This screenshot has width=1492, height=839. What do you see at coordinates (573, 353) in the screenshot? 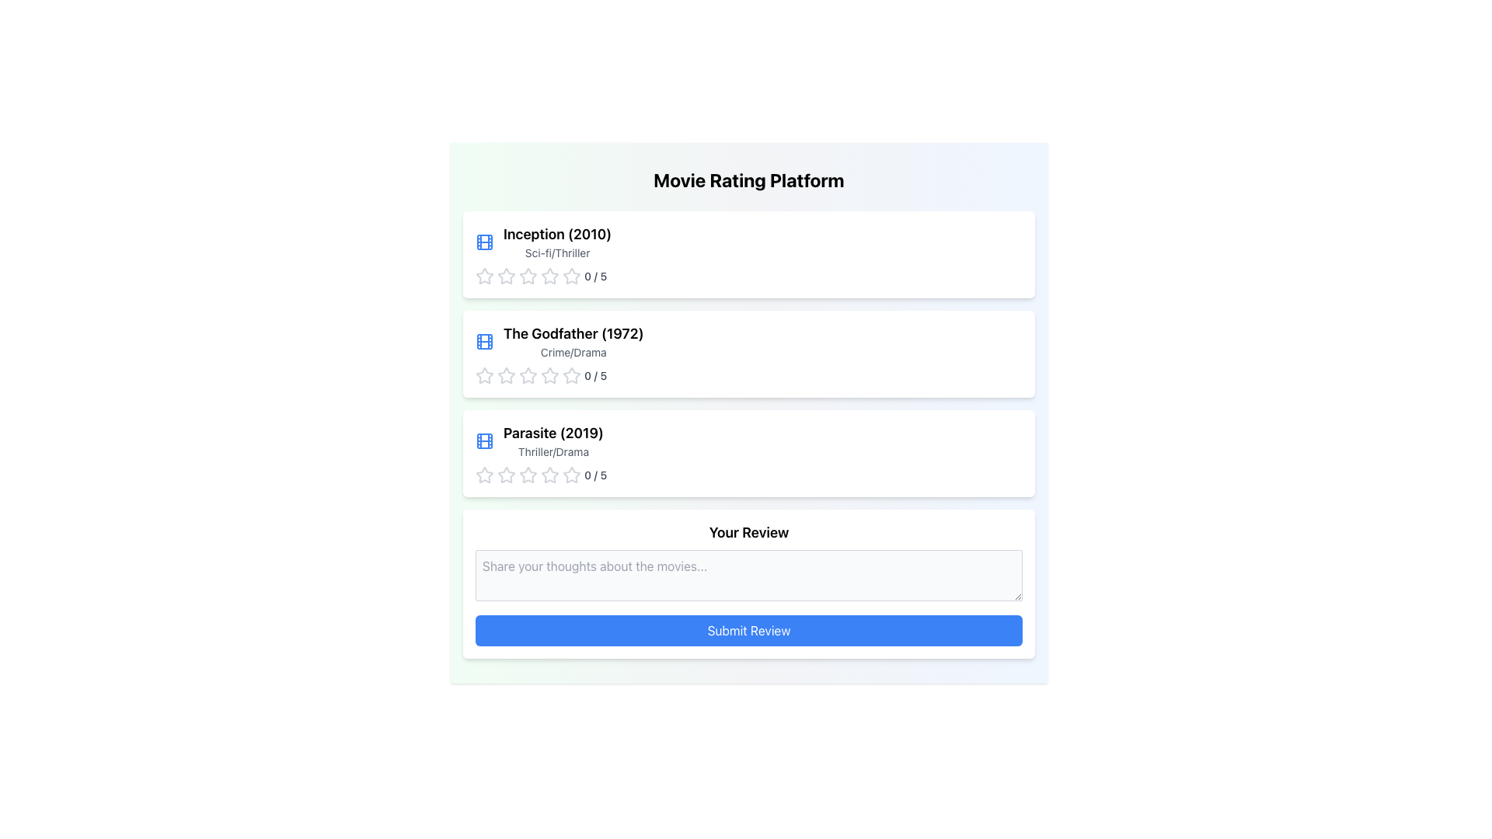
I see `the text label displaying the genre 'Crime/Drama', which is styled in light gray and located beneath the movie title 'The Godfather (1972)'` at bounding box center [573, 353].